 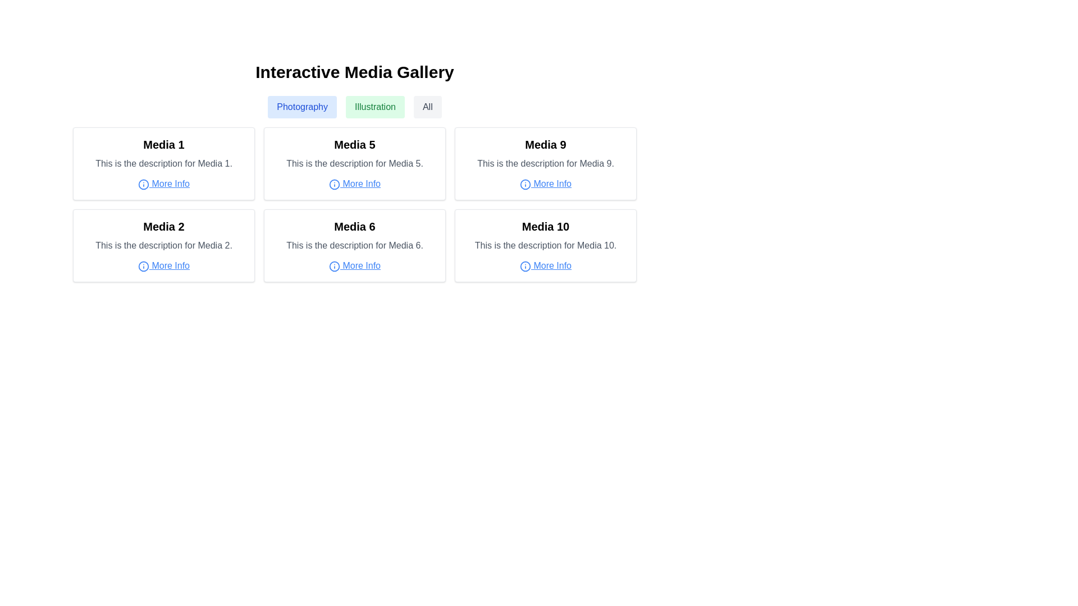 I want to click on the circular 'i' icon next to the 'More Info' hyperlink, so click(x=163, y=266).